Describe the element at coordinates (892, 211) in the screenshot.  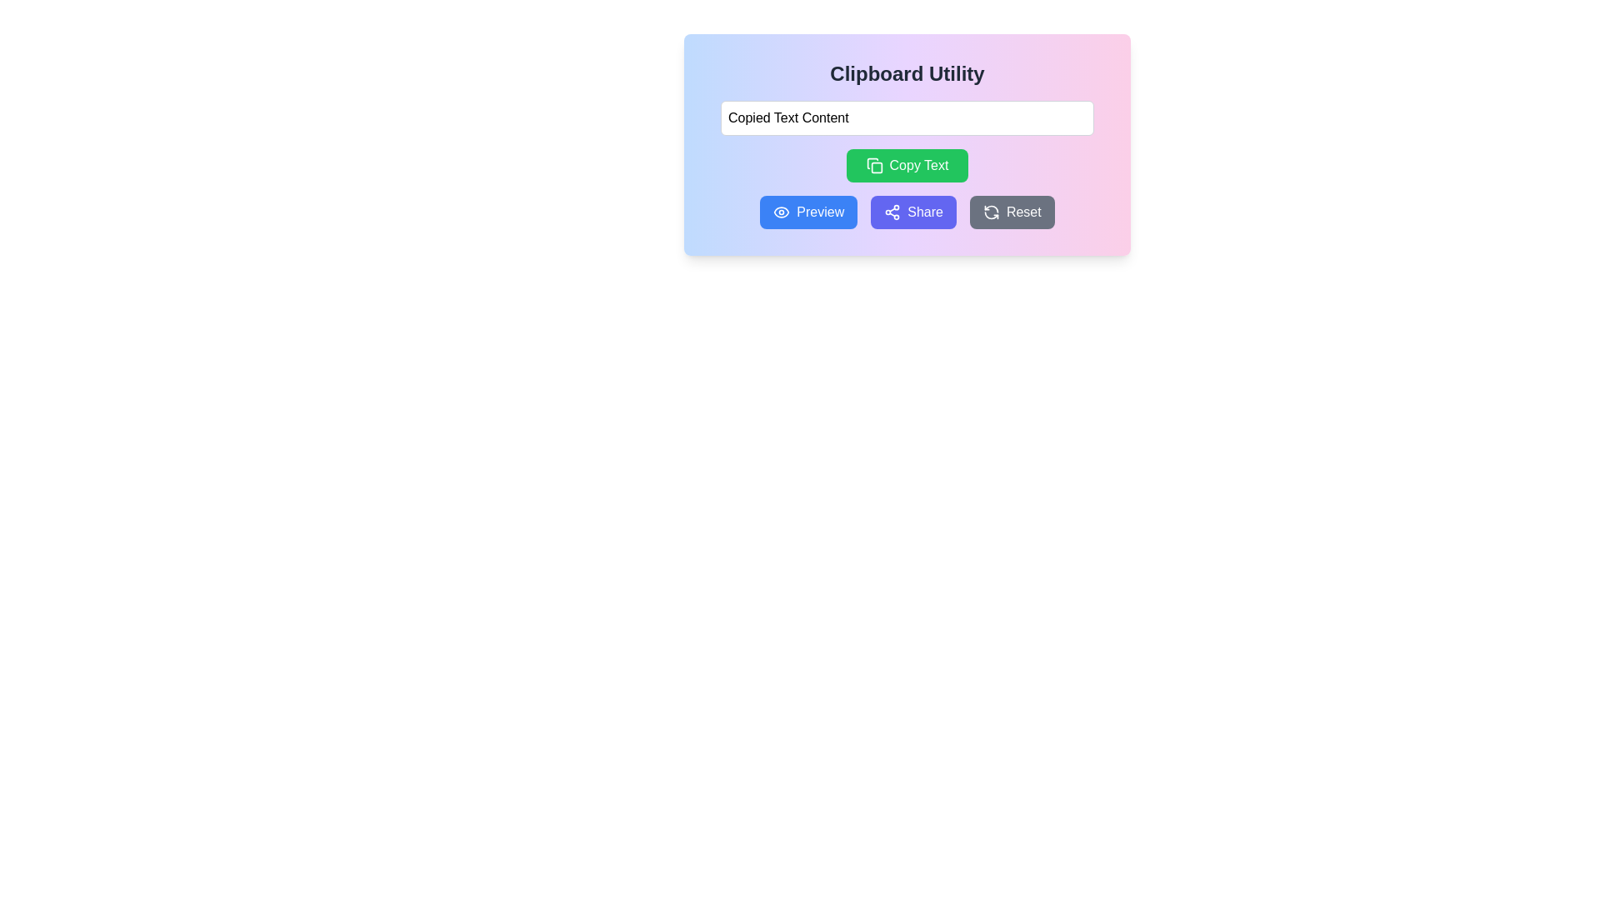
I see `the SVG 'Share' icon, which is styled with thin strokes and located within the 'Share' button before the text 'Share'` at that location.